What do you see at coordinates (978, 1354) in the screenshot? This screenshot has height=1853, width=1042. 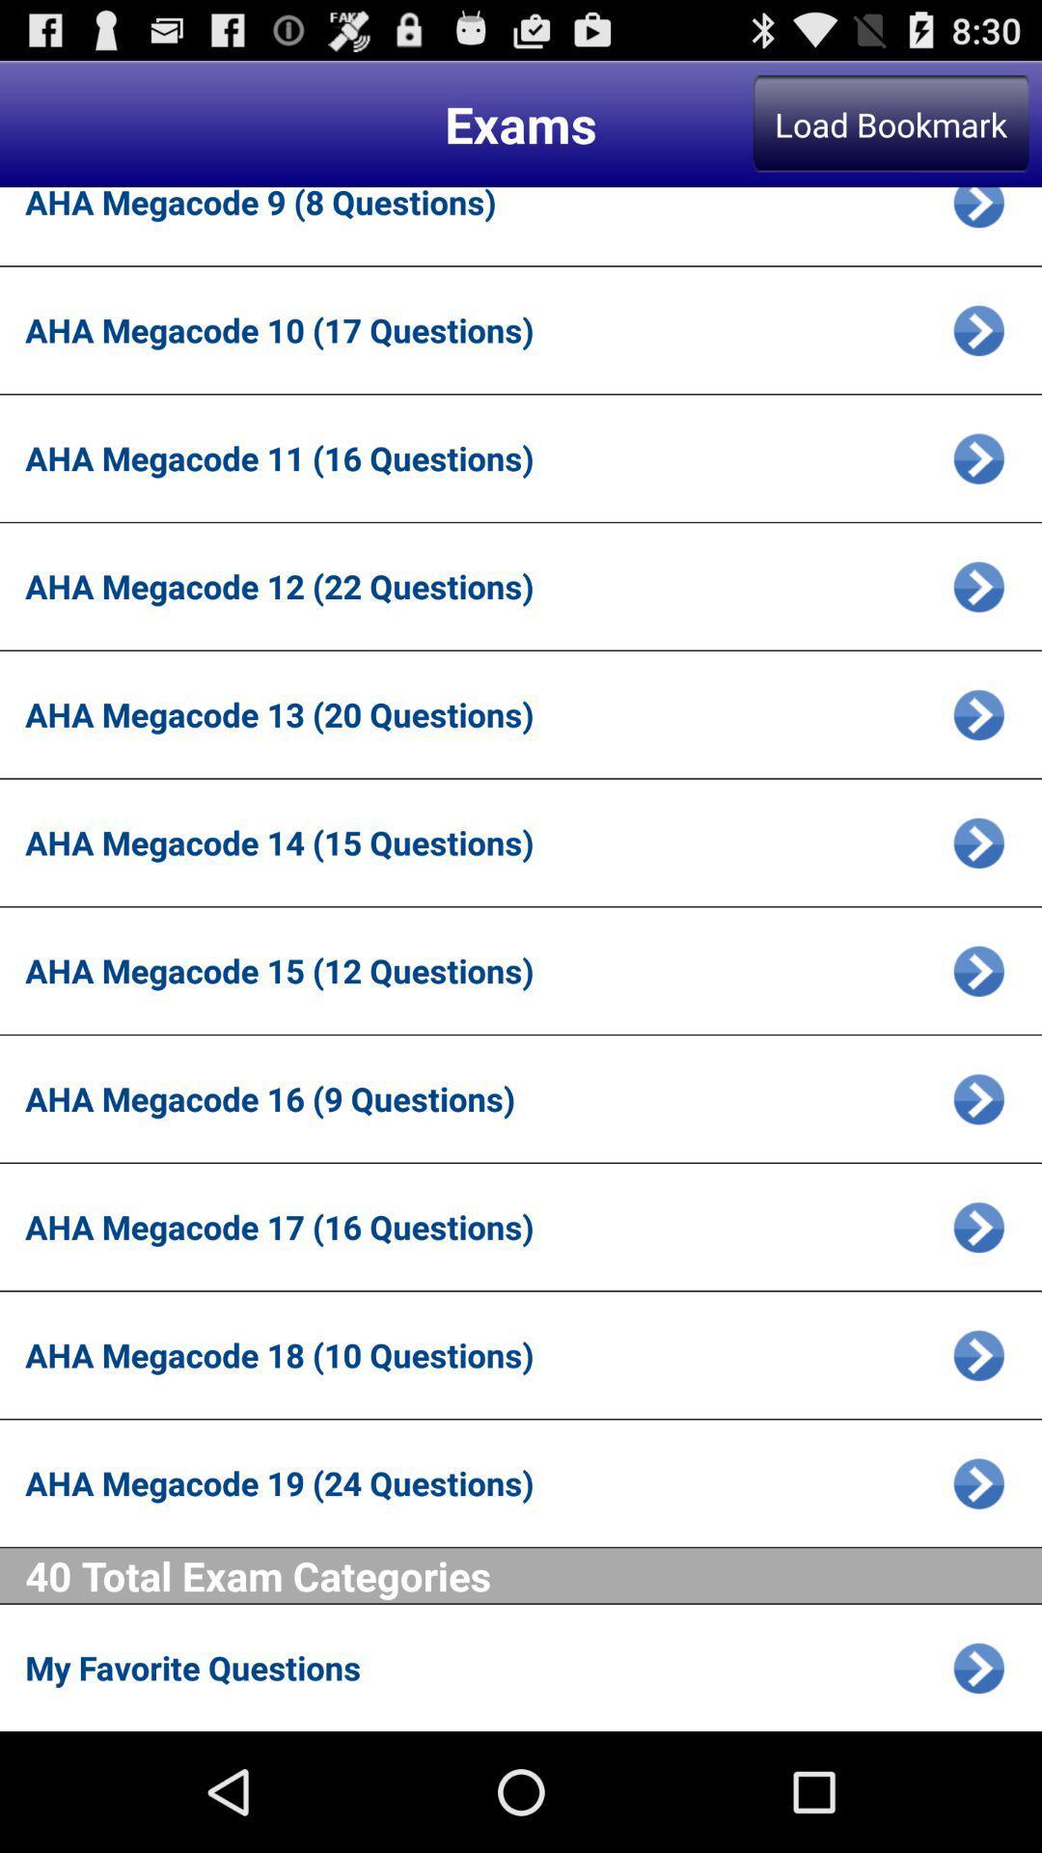 I see `open this book mark` at bounding box center [978, 1354].